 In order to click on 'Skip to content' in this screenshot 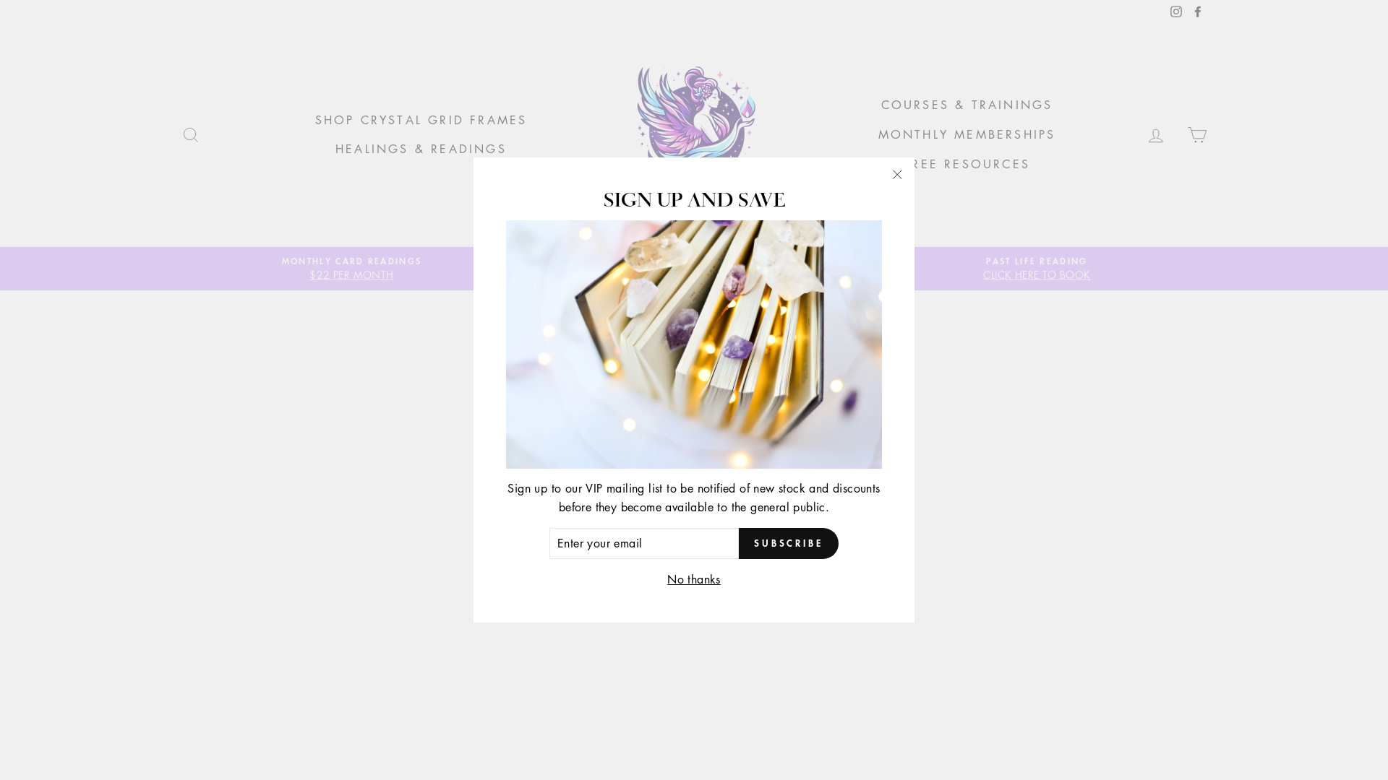, I will do `click(0, 0)`.